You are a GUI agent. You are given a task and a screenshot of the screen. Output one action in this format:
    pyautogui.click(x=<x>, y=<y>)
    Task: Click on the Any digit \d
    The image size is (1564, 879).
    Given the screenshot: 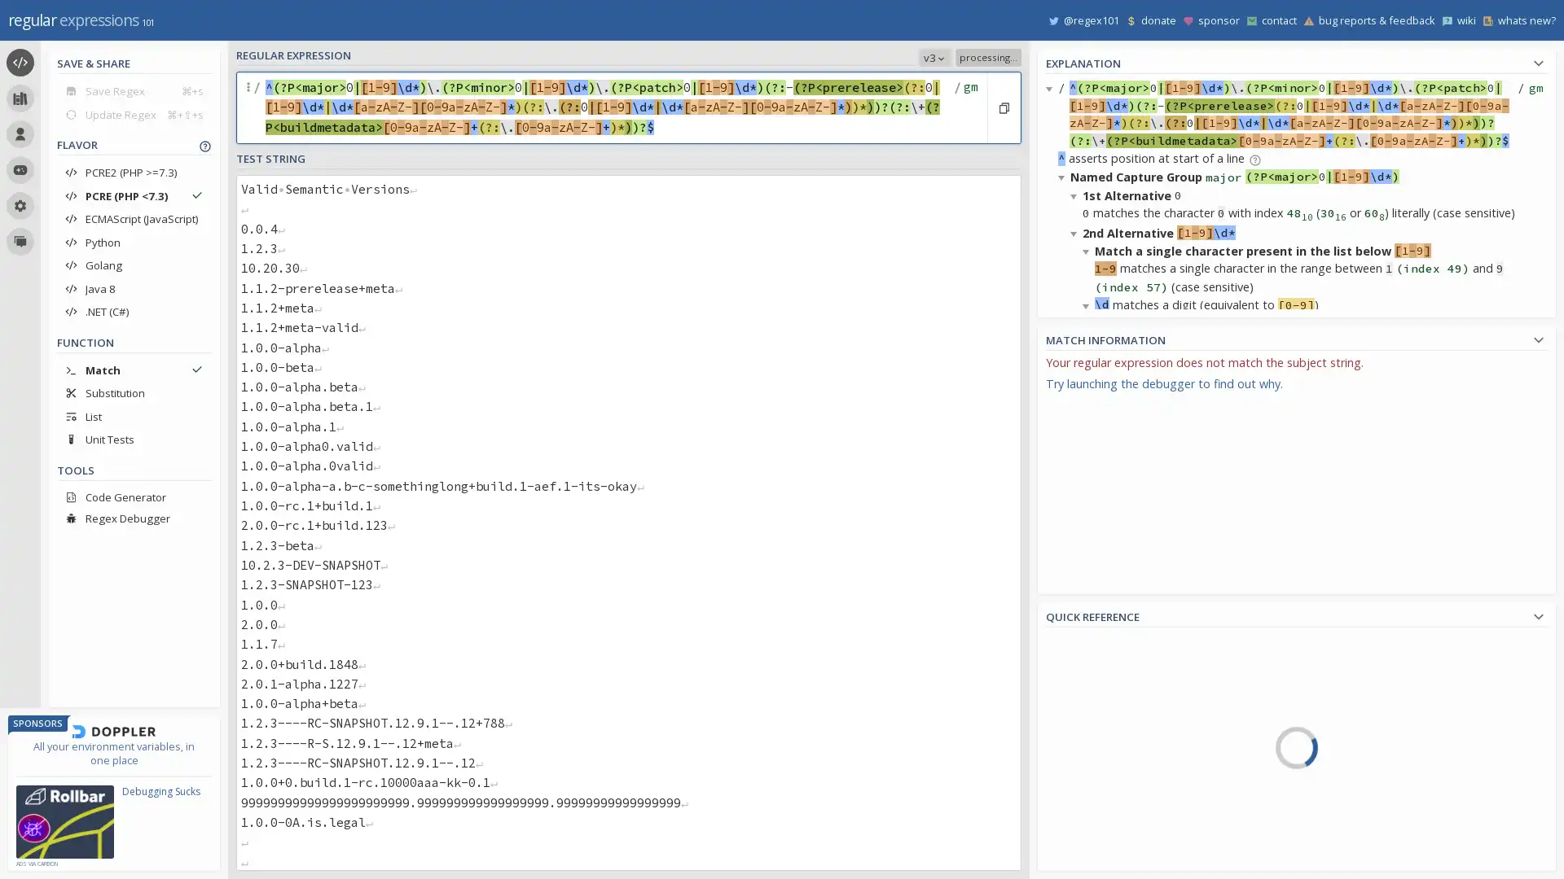 What is the action you would take?
    pyautogui.click(x=1377, y=852)
    